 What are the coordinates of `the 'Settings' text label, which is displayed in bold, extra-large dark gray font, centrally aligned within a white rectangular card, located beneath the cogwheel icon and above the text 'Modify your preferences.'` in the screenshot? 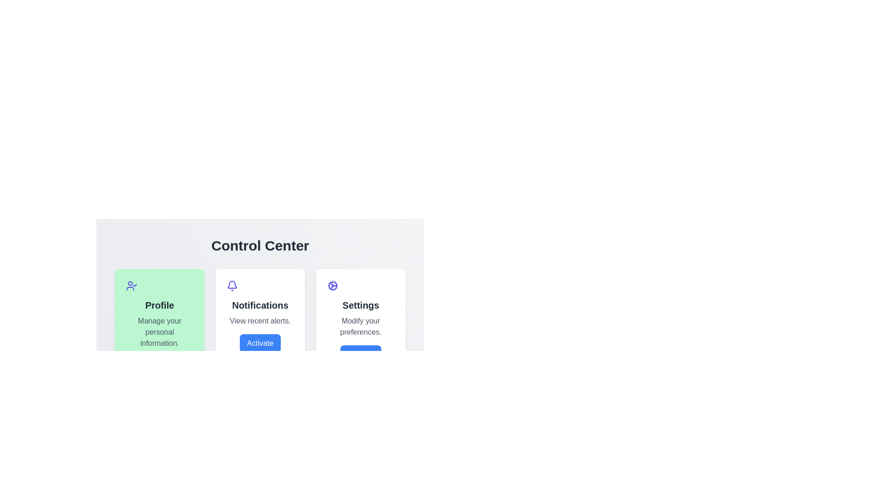 It's located at (360, 305).